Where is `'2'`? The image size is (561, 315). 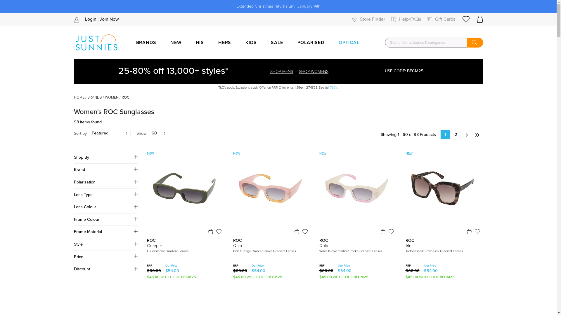
'2' is located at coordinates (451, 134).